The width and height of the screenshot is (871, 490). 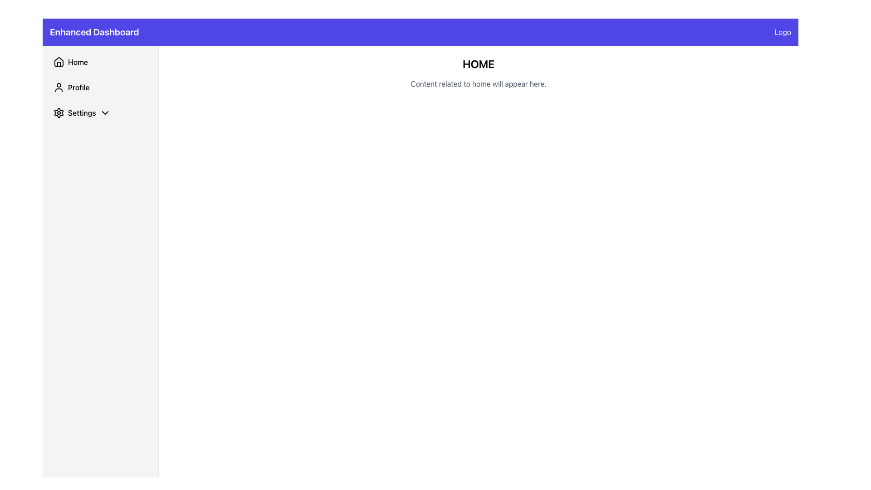 I want to click on the house icon located to the left of the 'Home' text, so click(x=58, y=62).